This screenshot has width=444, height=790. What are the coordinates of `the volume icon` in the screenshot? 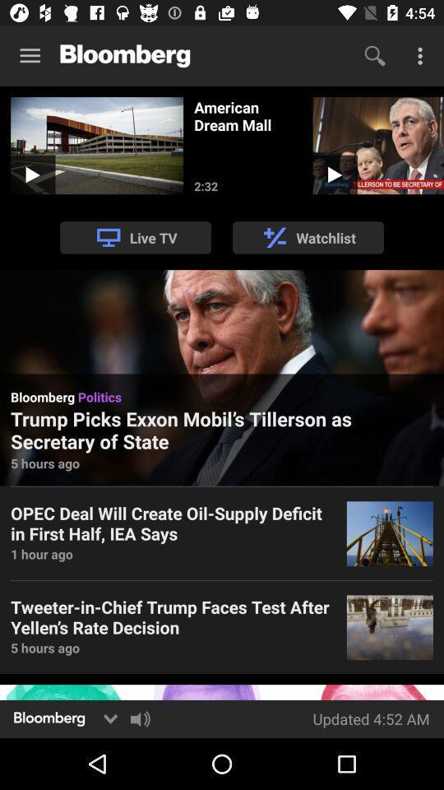 It's located at (141, 718).